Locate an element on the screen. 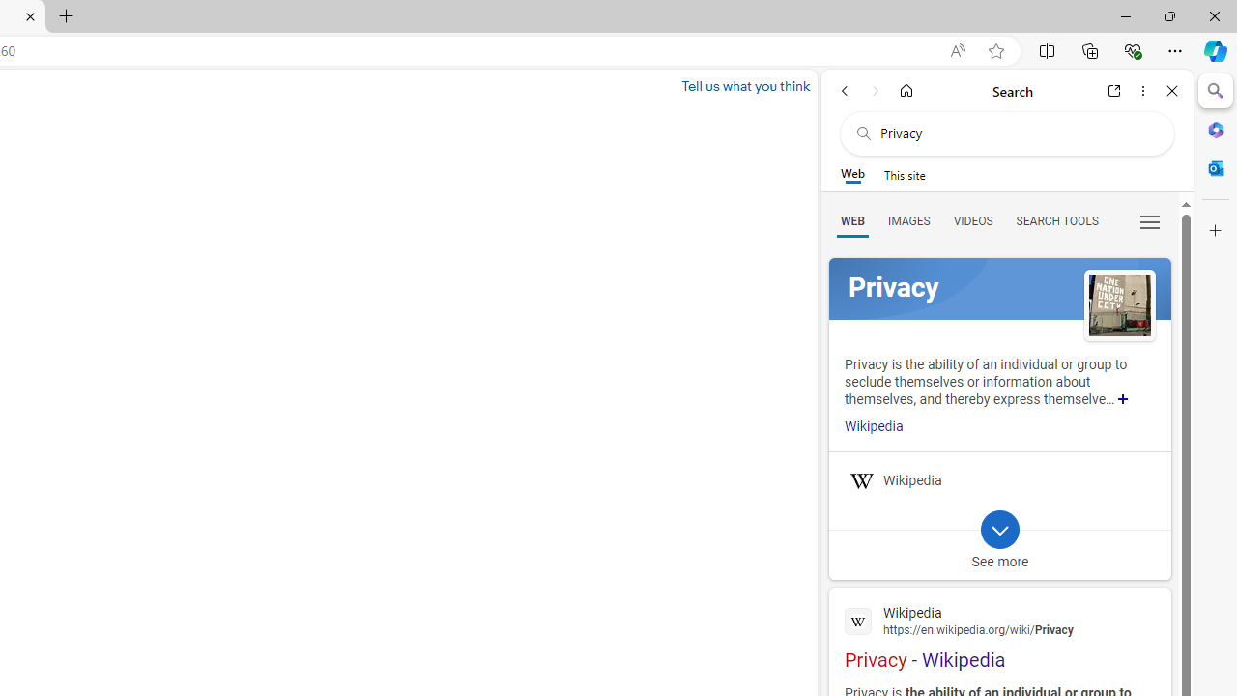  'Web scope' is located at coordinates (851, 174).